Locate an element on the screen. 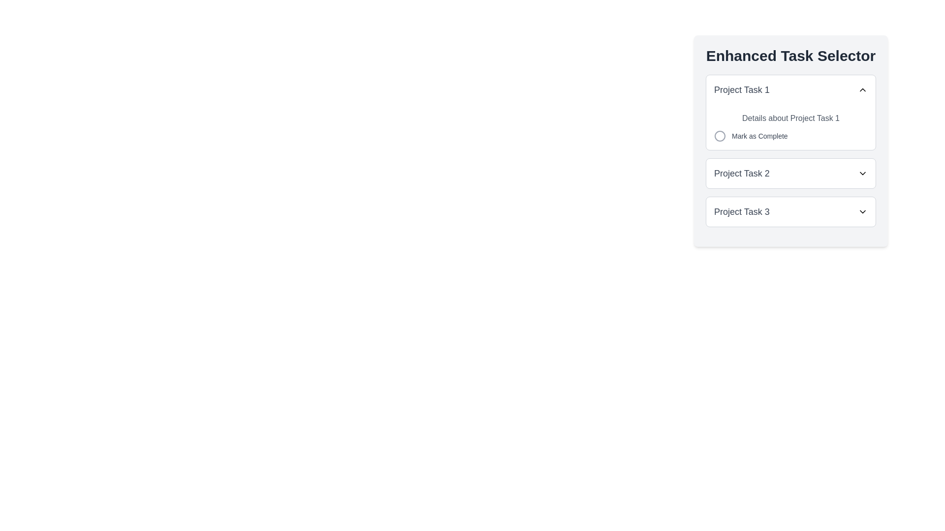 The width and height of the screenshot is (945, 531). the circular icon with a gray outline, resembling an unselected radio button is located at coordinates (720, 136).